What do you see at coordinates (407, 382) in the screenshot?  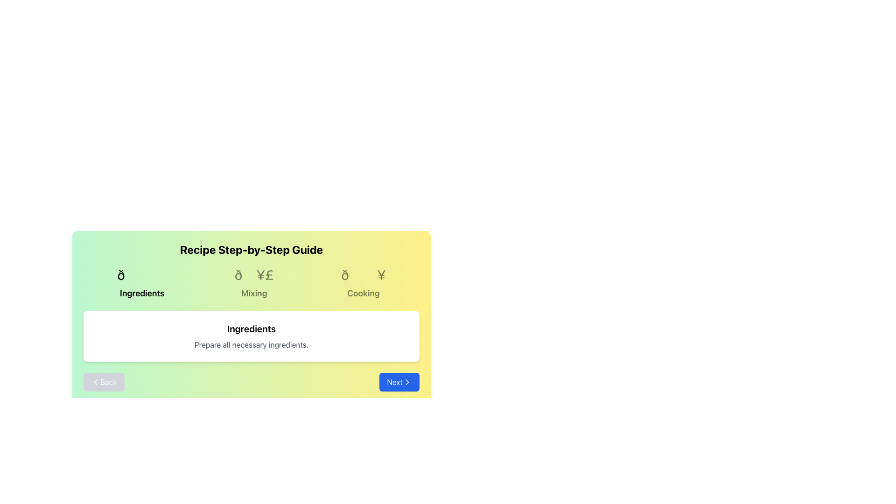 I see `the forward navigation icon within the 'Next' button located at the bottom-right of the interface to trigger a tooltip or visual response` at bounding box center [407, 382].